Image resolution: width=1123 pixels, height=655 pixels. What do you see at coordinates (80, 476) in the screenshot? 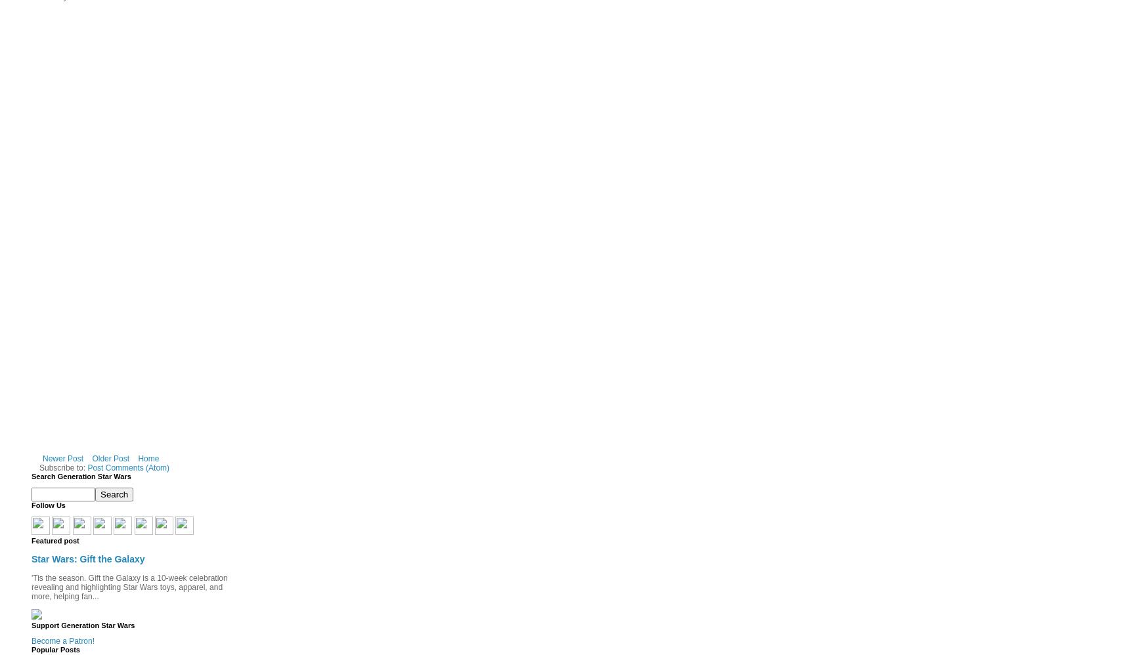
I see `'Search Generation Star Wars'` at bounding box center [80, 476].